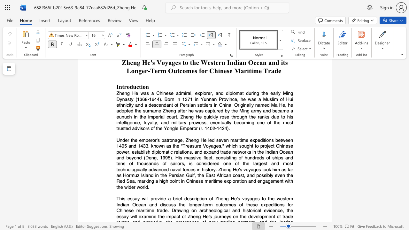 The image size is (409, 230). I want to click on the subset text "ages to the West" within the text "Zheng He", so click(168, 62).